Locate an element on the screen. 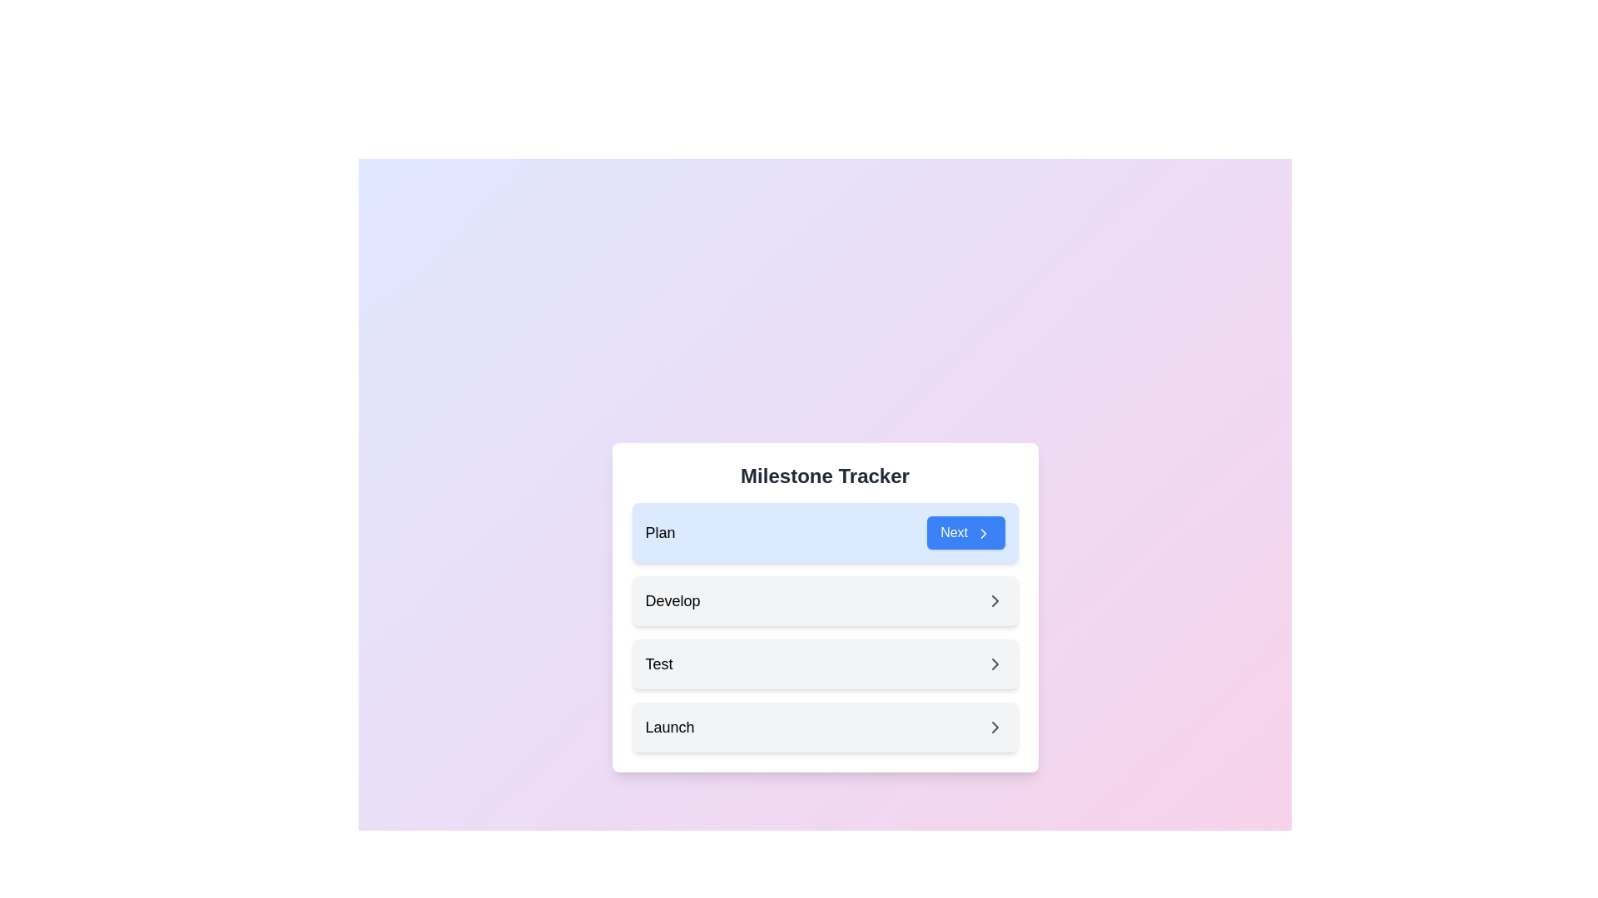 The width and height of the screenshot is (1598, 898). the rightward-pointing chevron arrow icon, which is part of the last list item labeled 'Launch' in the 'Milestone Tracker' section is located at coordinates (995, 727).